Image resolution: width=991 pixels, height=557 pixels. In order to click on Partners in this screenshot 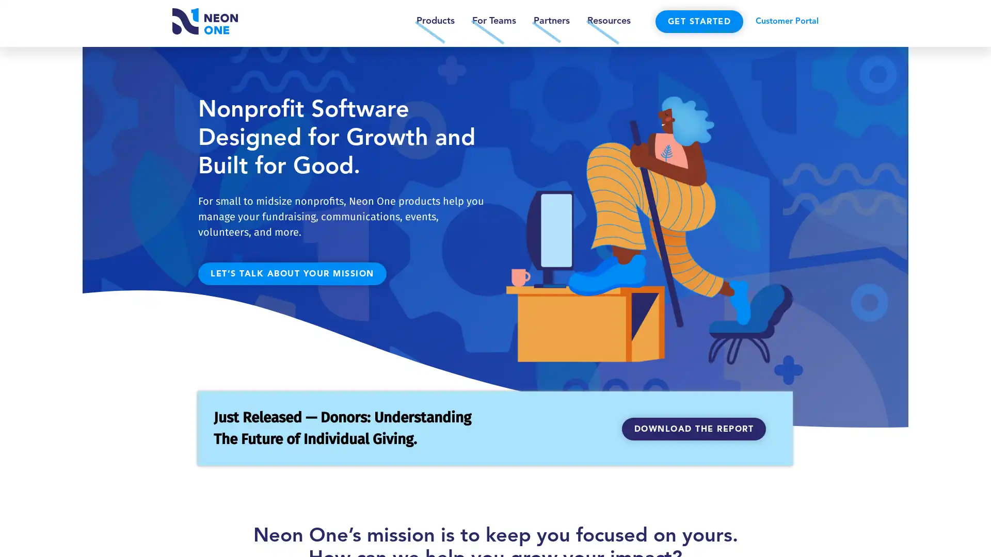, I will do `click(551, 21)`.